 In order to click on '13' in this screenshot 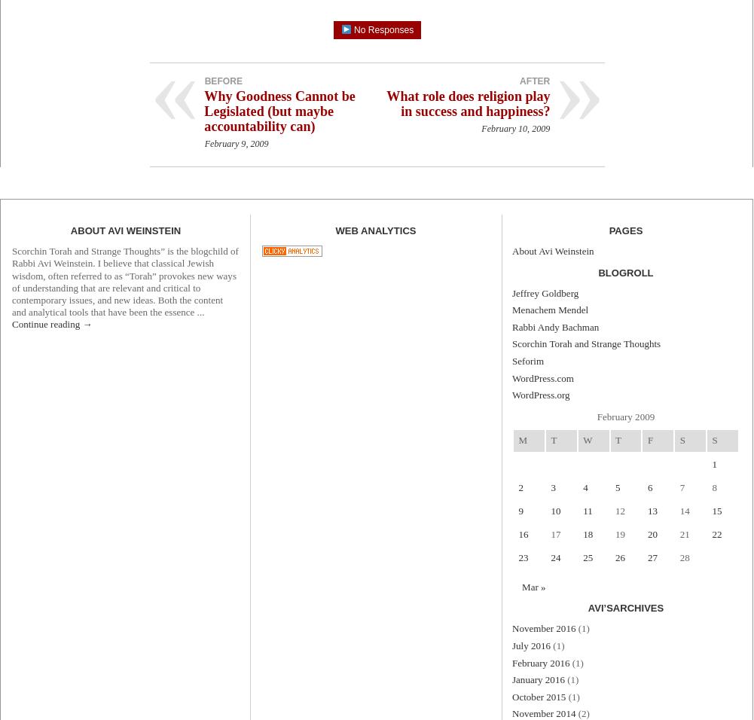, I will do `click(652, 510)`.